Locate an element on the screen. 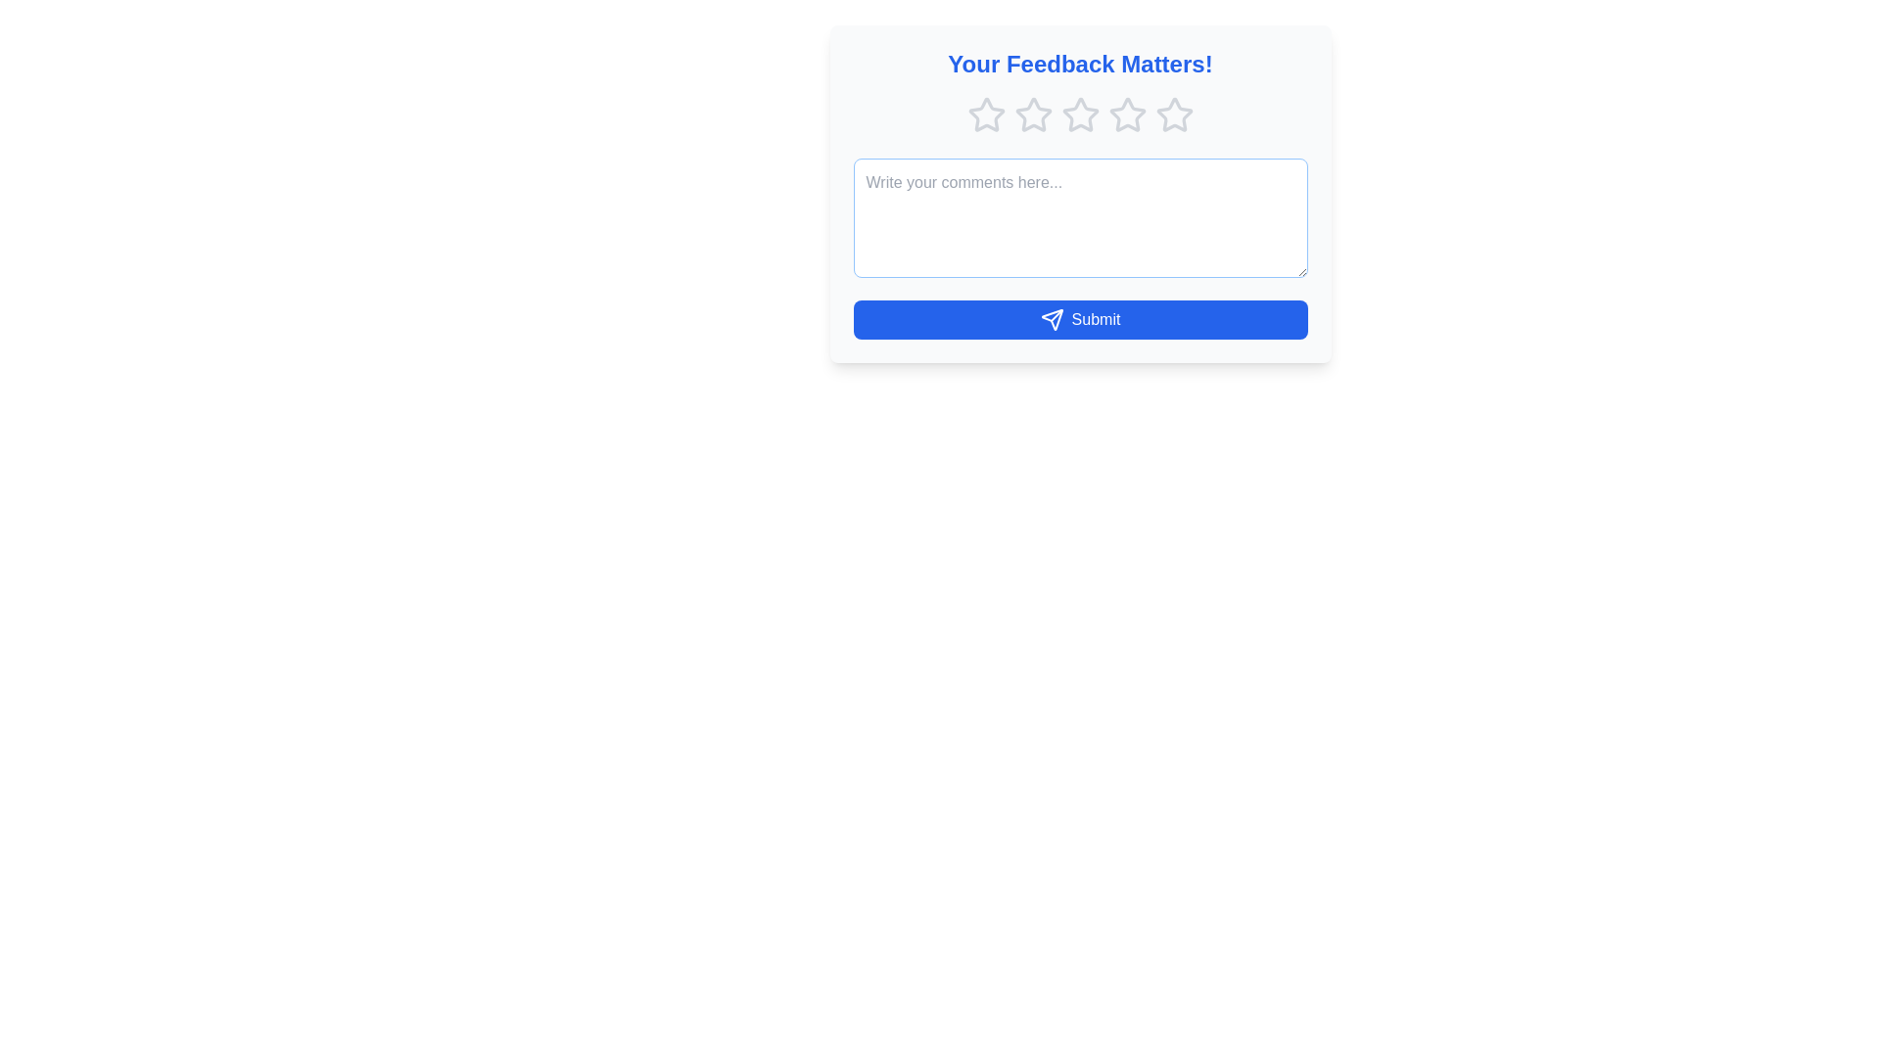  the first hollow star icon in the rating system, which is light gray and aligned horizontally with four other stars is located at coordinates (986, 115).